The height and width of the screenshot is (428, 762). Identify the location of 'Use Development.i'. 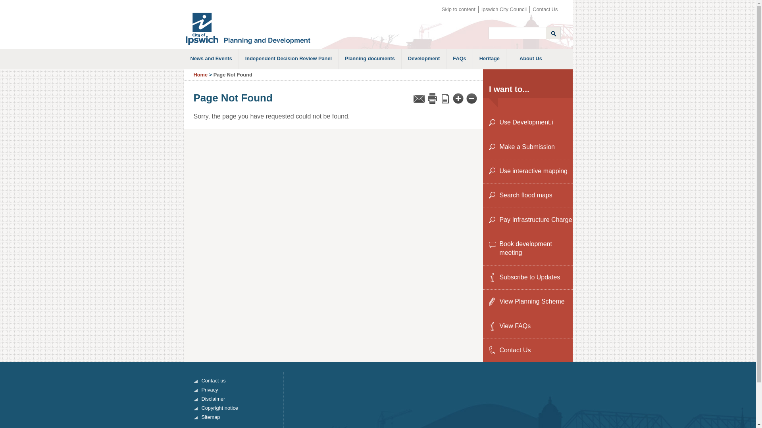
(529, 122).